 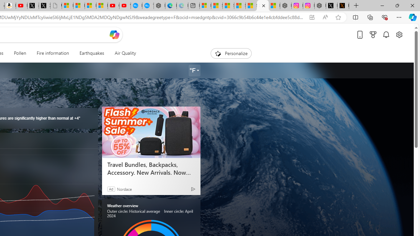 What do you see at coordinates (20, 53) in the screenshot?
I see `'Pollen'` at bounding box center [20, 53].